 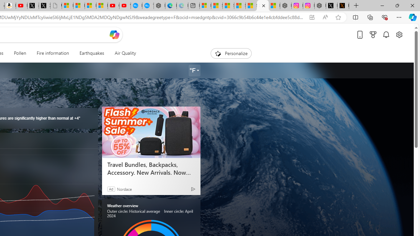 What do you see at coordinates (20, 53) in the screenshot?
I see `'Pollen'` at bounding box center [20, 53].